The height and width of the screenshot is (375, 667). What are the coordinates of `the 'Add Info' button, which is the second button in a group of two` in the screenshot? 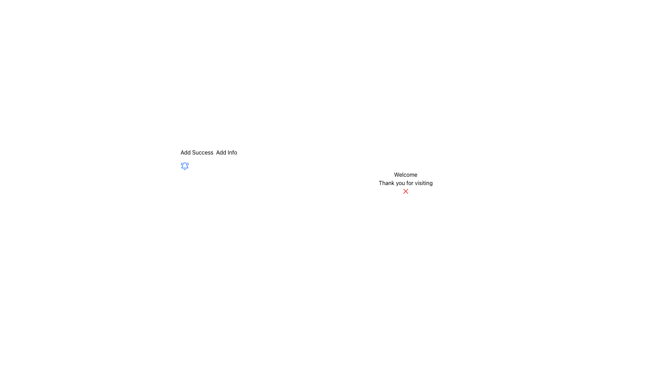 It's located at (227, 152).